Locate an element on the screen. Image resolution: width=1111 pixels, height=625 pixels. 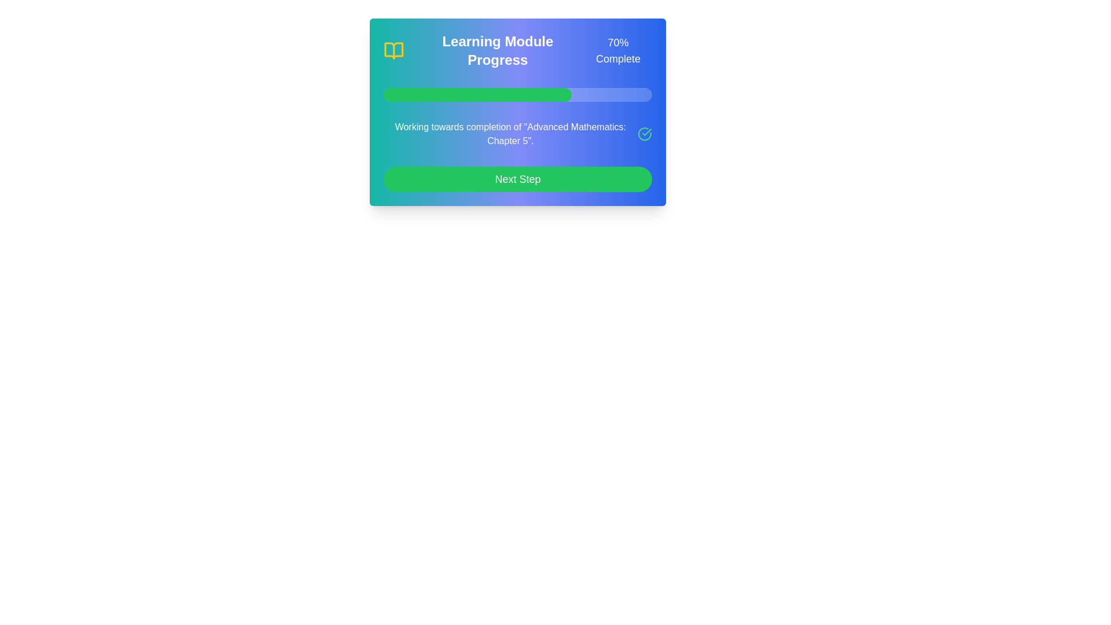
the static text label displaying 'Working towards completion of "Advanced Mathematics: Chapter 5"' which is centered in a blue gradient background, located above the green 'Next Step' button is located at coordinates (510, 133).